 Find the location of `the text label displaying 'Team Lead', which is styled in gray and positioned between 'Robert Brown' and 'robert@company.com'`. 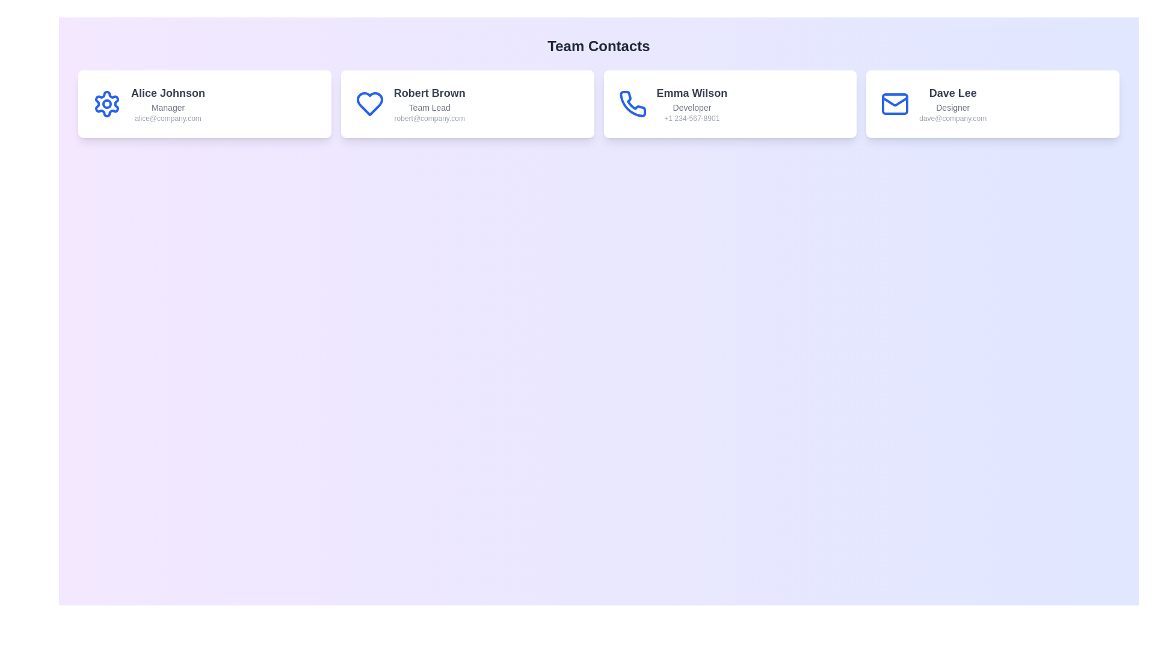

the text label displaying 'Team Lead', which is styled in gray and positioned between 'Robert Brown' and 'robert@company.com' is located at coordinates (430, 107).